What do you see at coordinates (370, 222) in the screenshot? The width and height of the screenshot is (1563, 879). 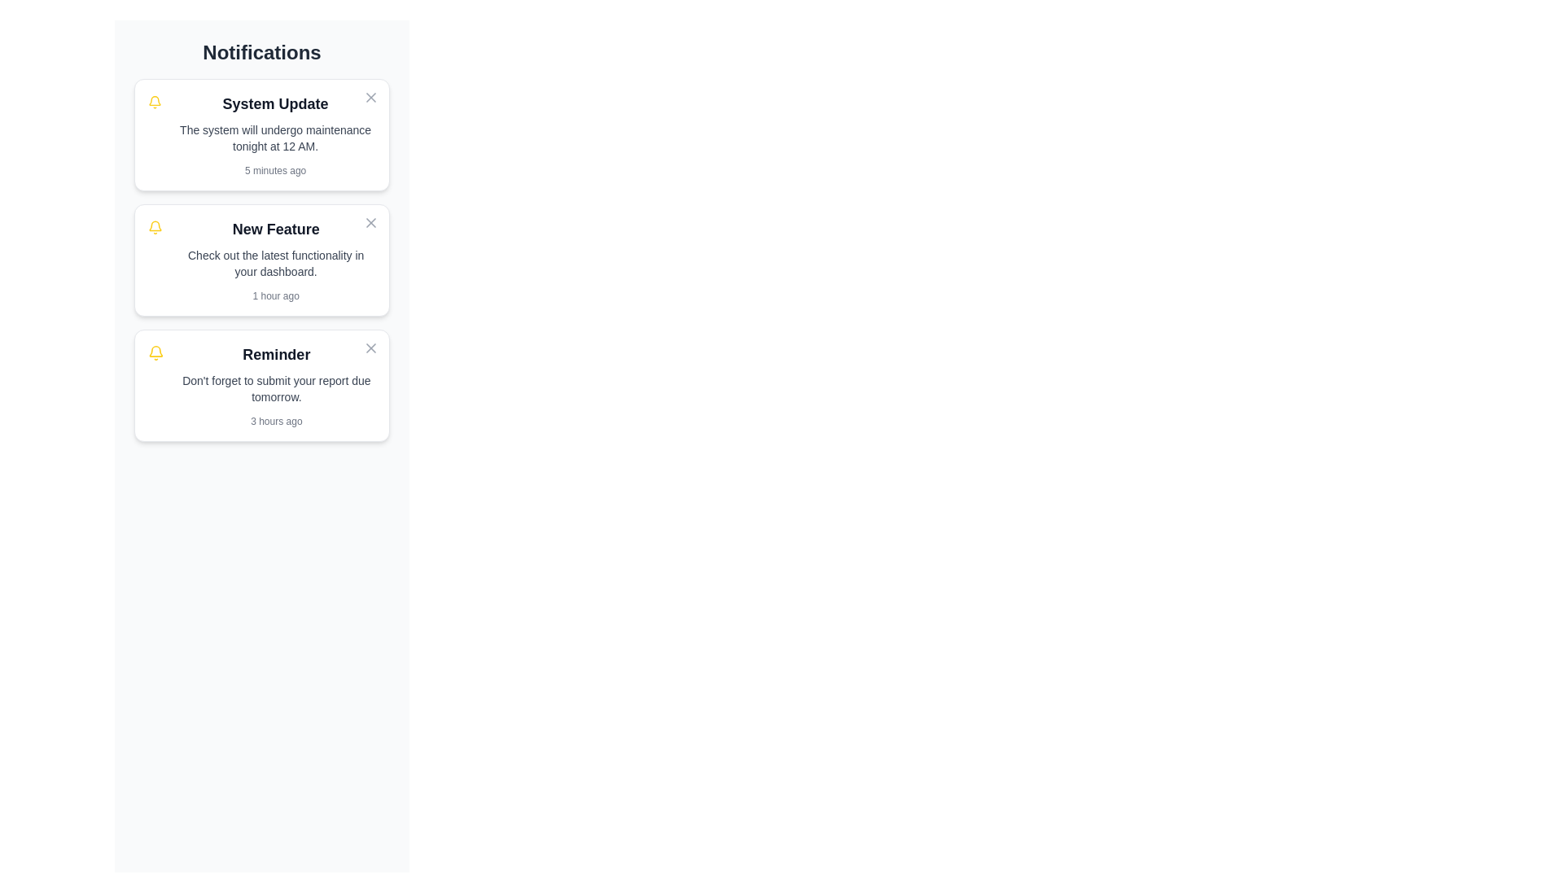 I see `the close button located at the top-right corner of the notification card titled 'New Feature'` at bounding box center [370, 222].